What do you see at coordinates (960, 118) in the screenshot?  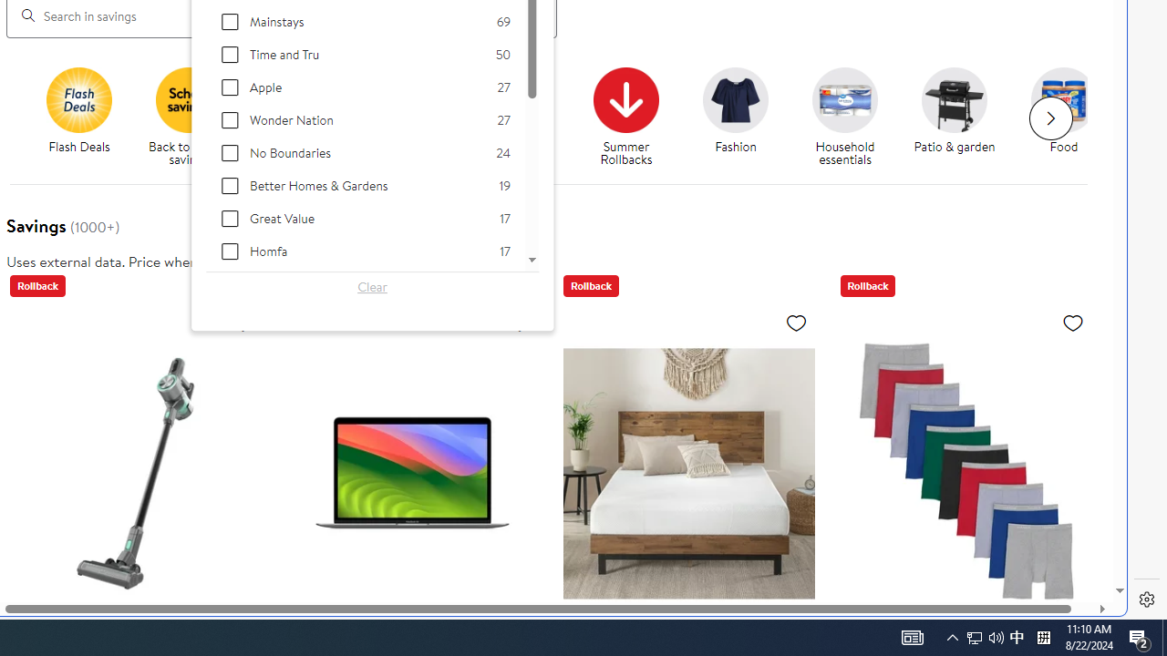 I see `'Patio & garden'` at bounding box center [960, 118].